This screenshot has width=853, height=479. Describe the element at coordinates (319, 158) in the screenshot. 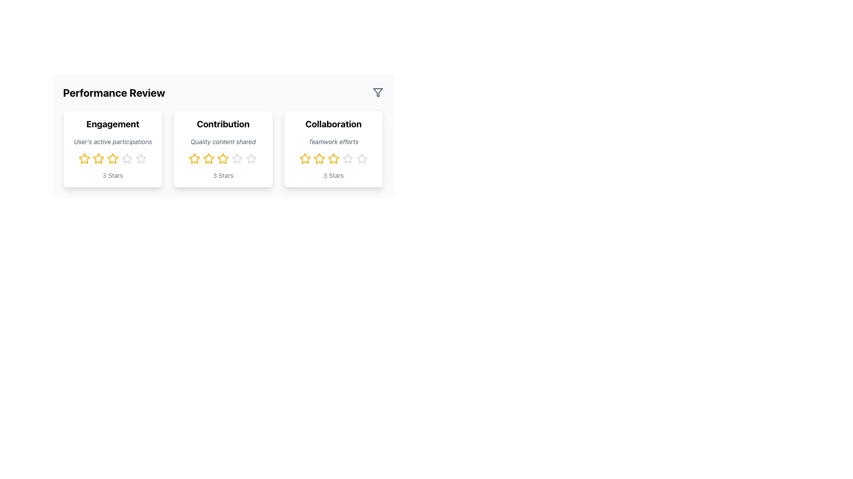

I see `the second star icon in the 'Collaboration' section of the 'Performance Review'` at that location.